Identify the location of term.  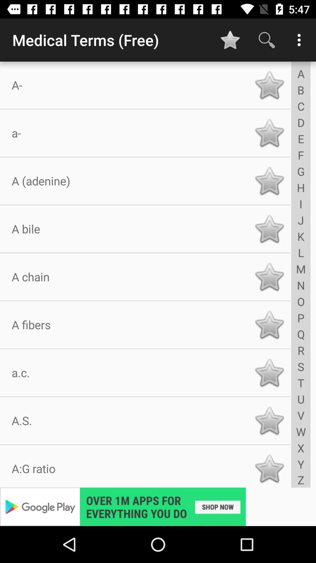
(269, 420).